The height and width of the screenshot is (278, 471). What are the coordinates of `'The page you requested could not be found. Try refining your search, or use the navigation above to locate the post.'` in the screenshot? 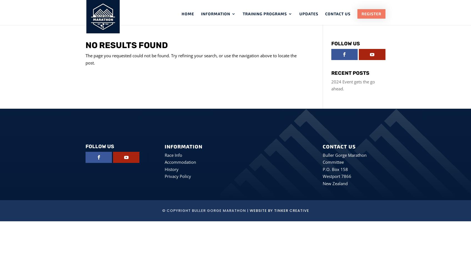 It's located at (85, 59).